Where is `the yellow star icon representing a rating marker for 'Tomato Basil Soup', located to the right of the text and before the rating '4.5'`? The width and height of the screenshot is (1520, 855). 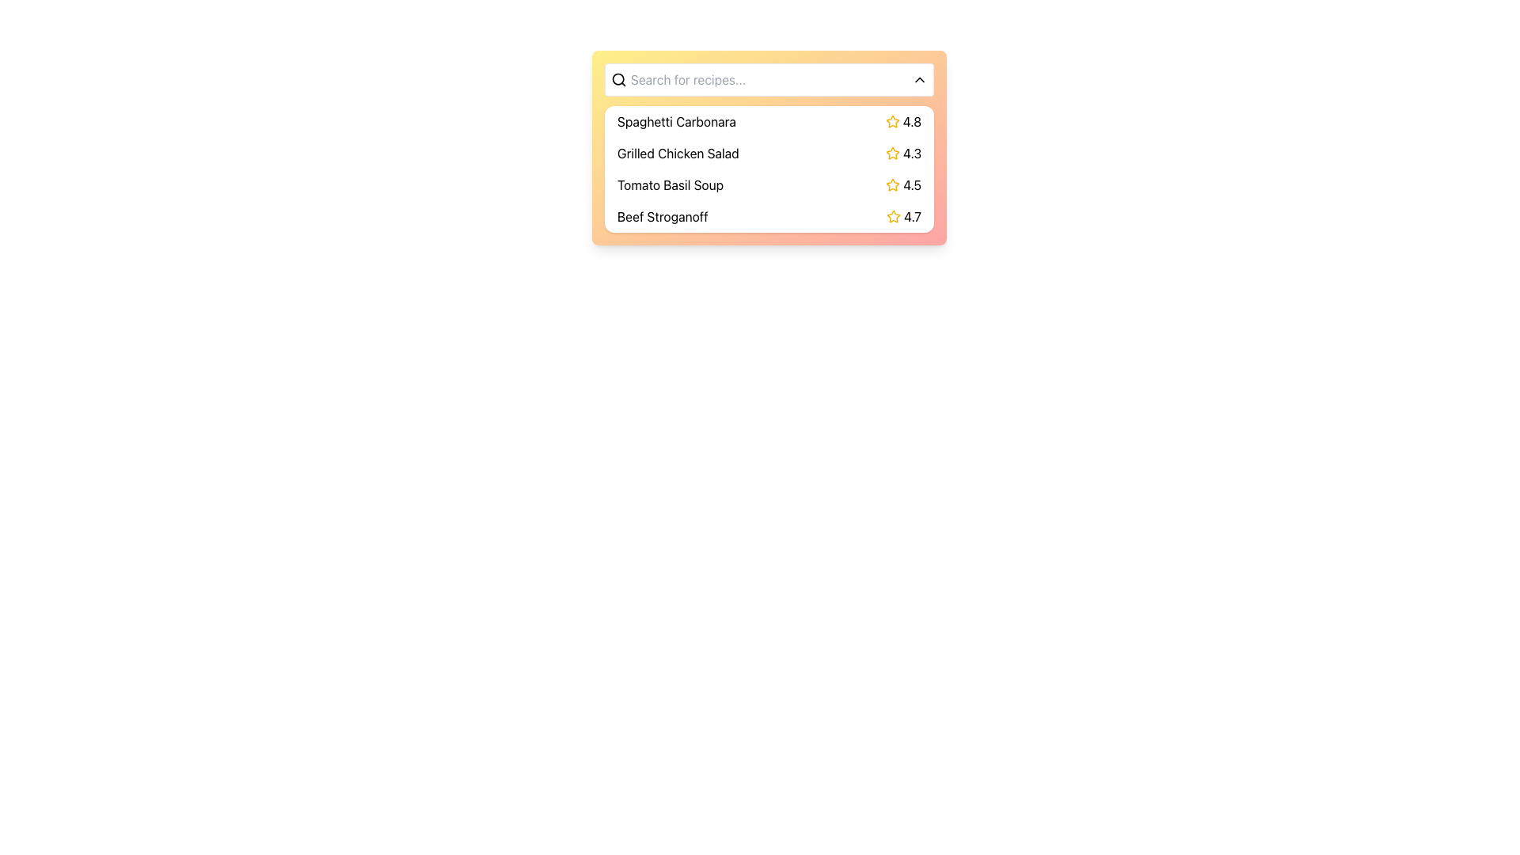 the yellow star icon representing a rating marker for 'Tomato Basil Soup', located to the right of the text and before the rating '4.5' is located at coordinates (893, 184).